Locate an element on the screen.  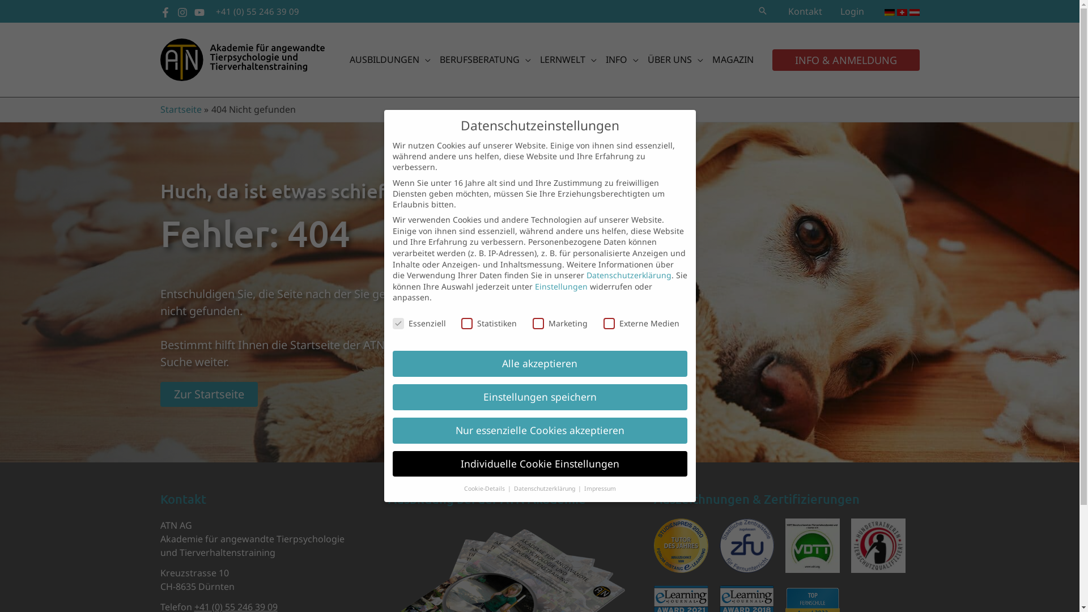
'Login' is located at coordinates (851, 11).